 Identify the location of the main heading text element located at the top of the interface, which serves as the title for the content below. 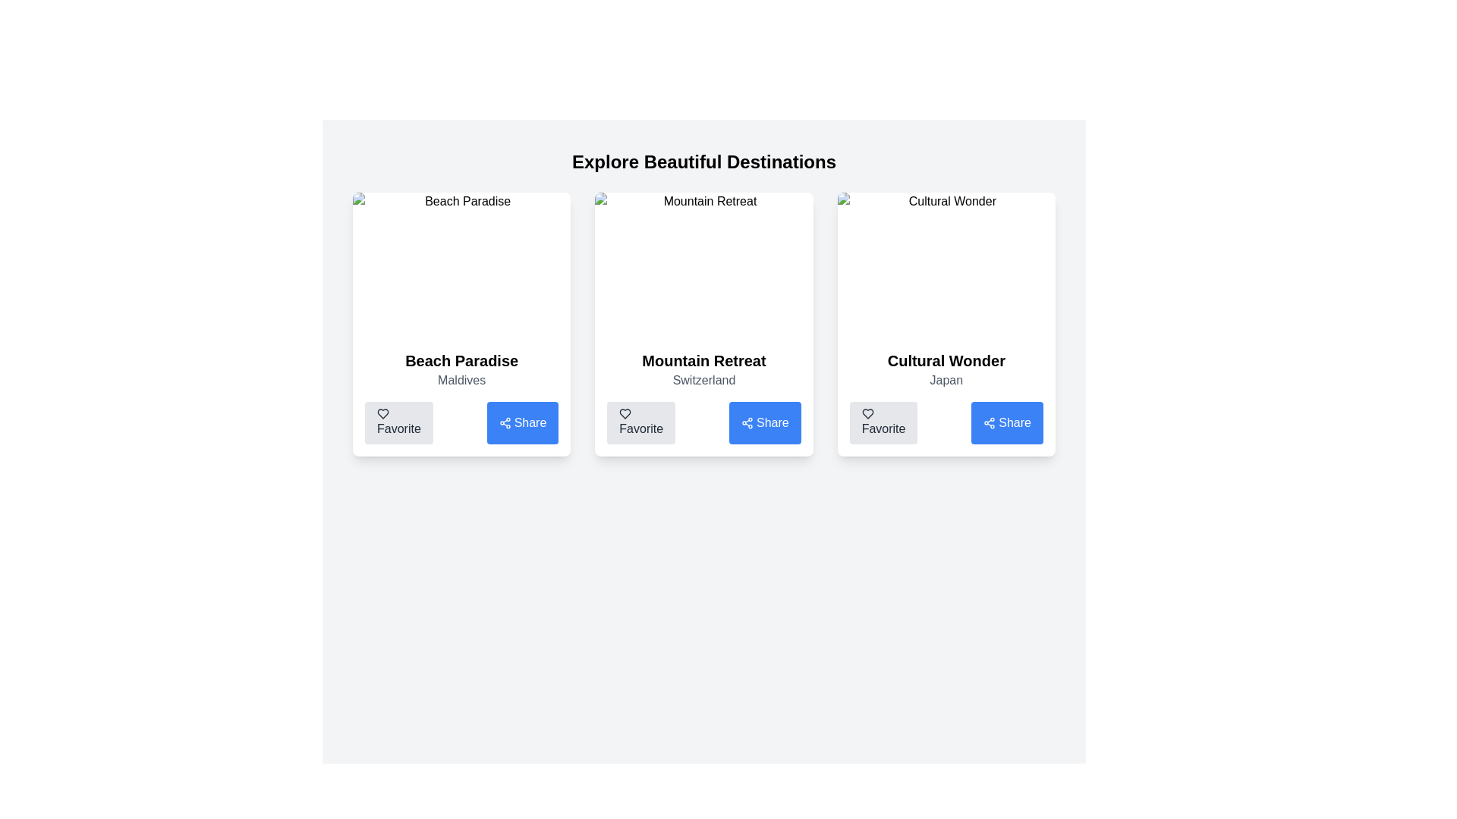
(703, 162).